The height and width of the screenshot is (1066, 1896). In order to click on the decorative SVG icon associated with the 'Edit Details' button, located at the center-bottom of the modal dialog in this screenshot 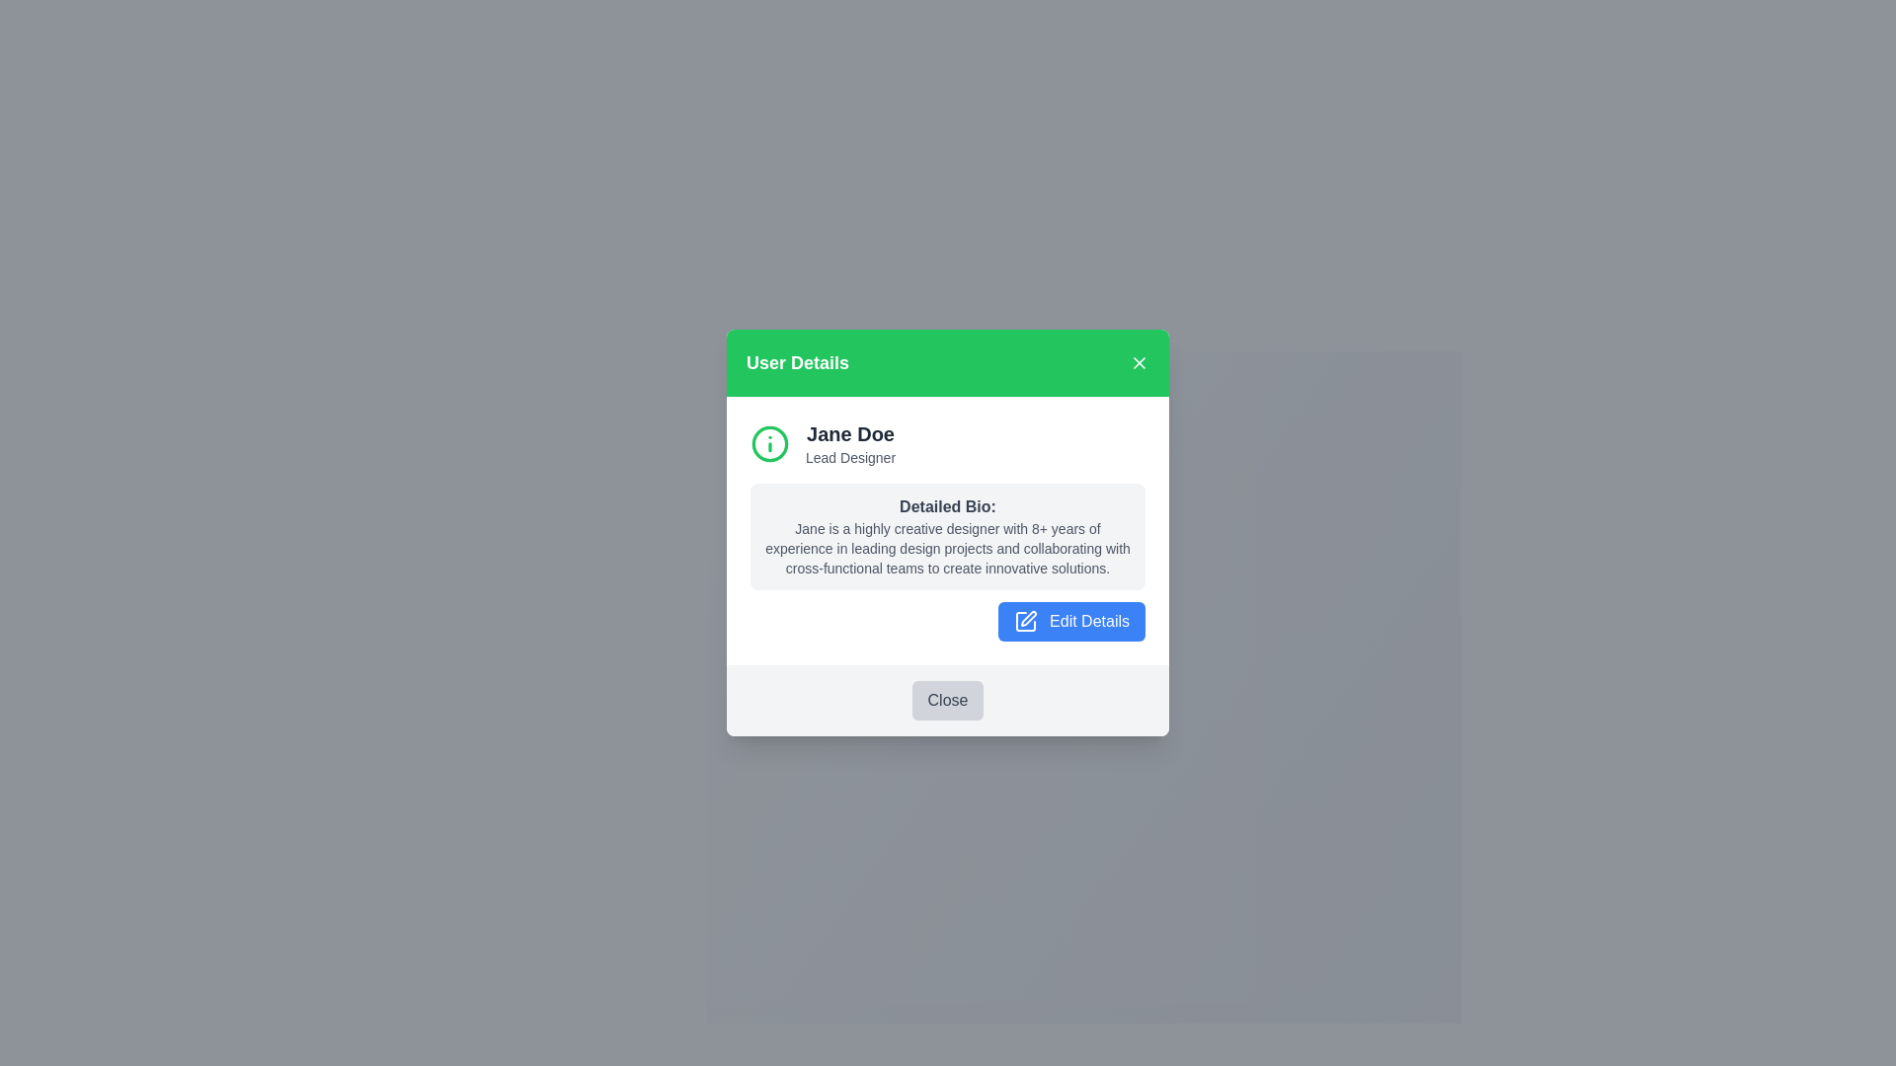, I will do `click(1025, 622)`.